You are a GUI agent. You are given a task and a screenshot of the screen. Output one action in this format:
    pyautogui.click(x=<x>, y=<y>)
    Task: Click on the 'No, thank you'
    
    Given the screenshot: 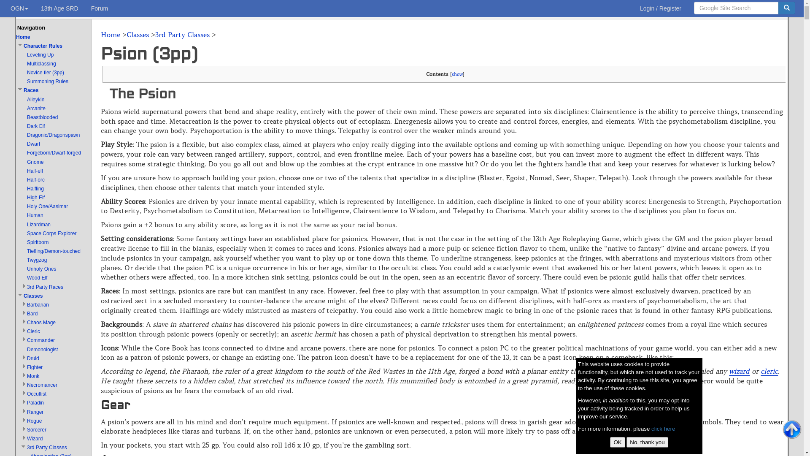 What is the action you would take?
    pyautogui.click(x=647, y=442)
    